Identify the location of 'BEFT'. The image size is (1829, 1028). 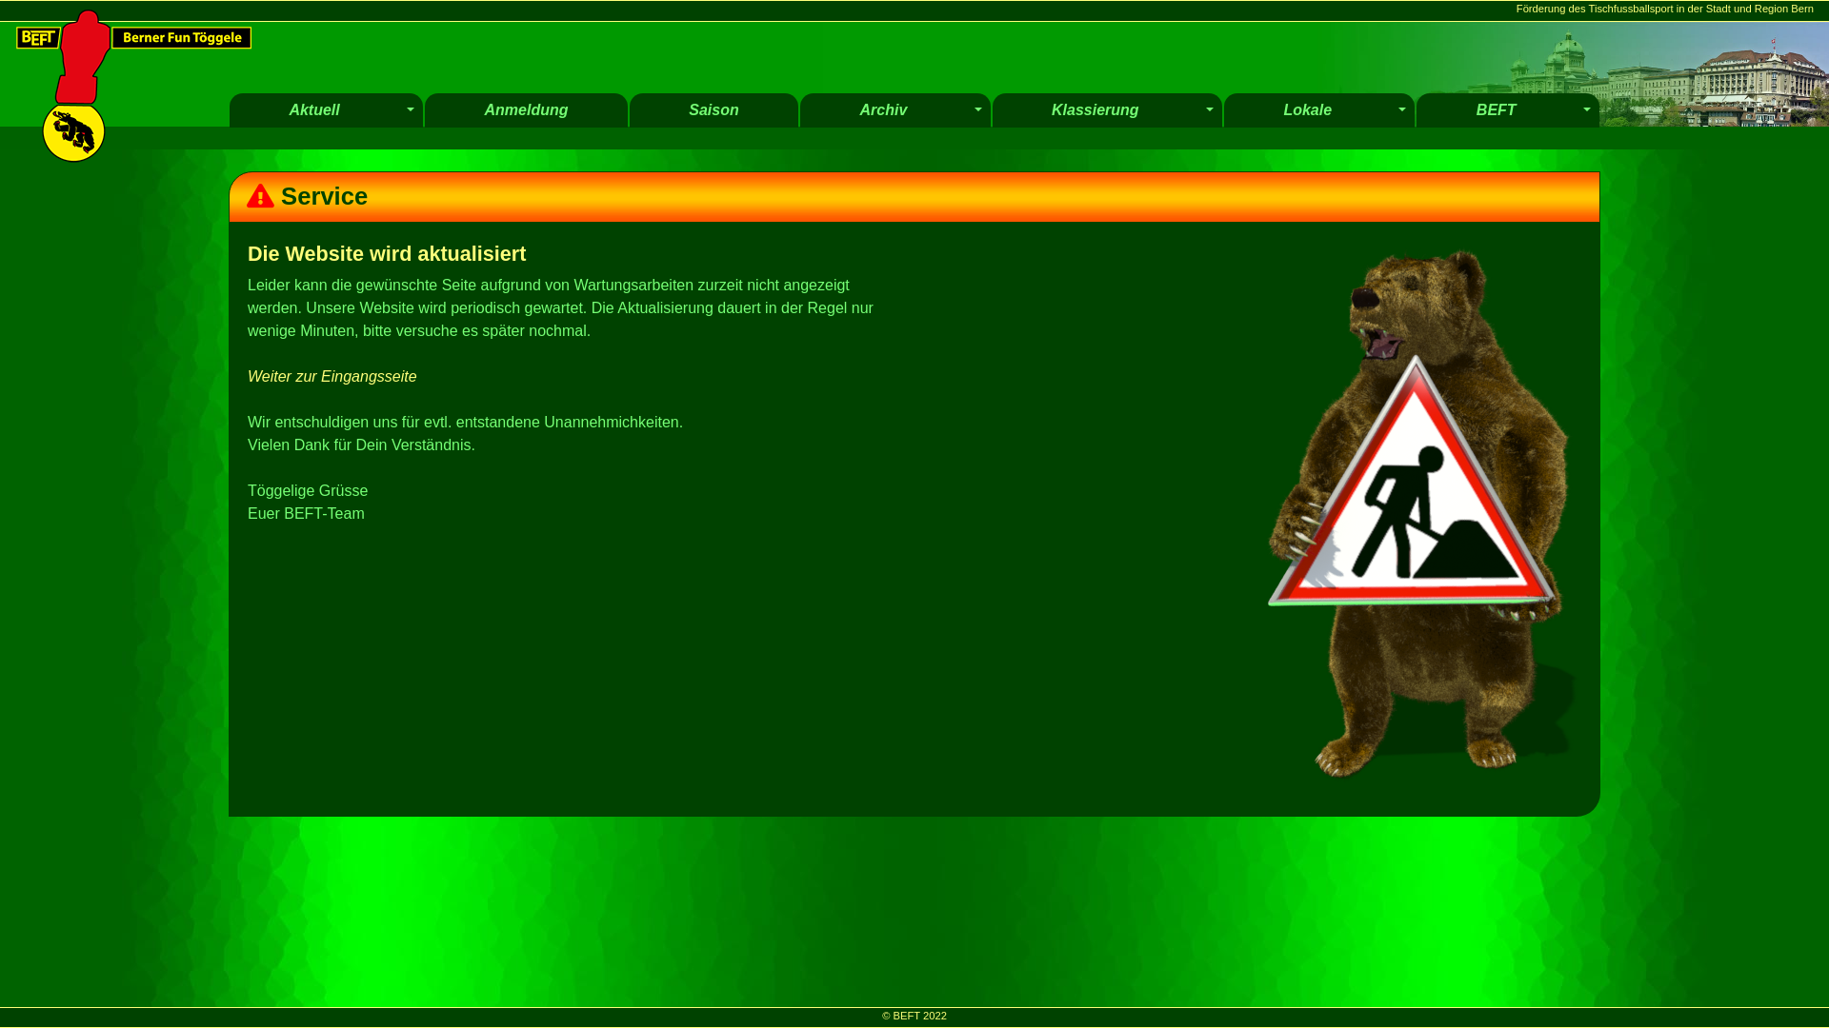
(1495, 109).